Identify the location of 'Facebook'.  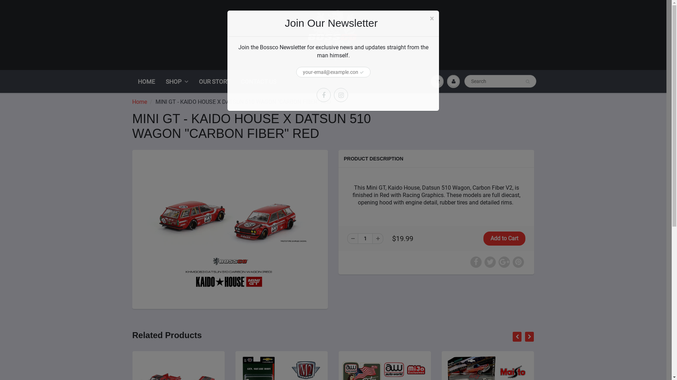
(323, 95).